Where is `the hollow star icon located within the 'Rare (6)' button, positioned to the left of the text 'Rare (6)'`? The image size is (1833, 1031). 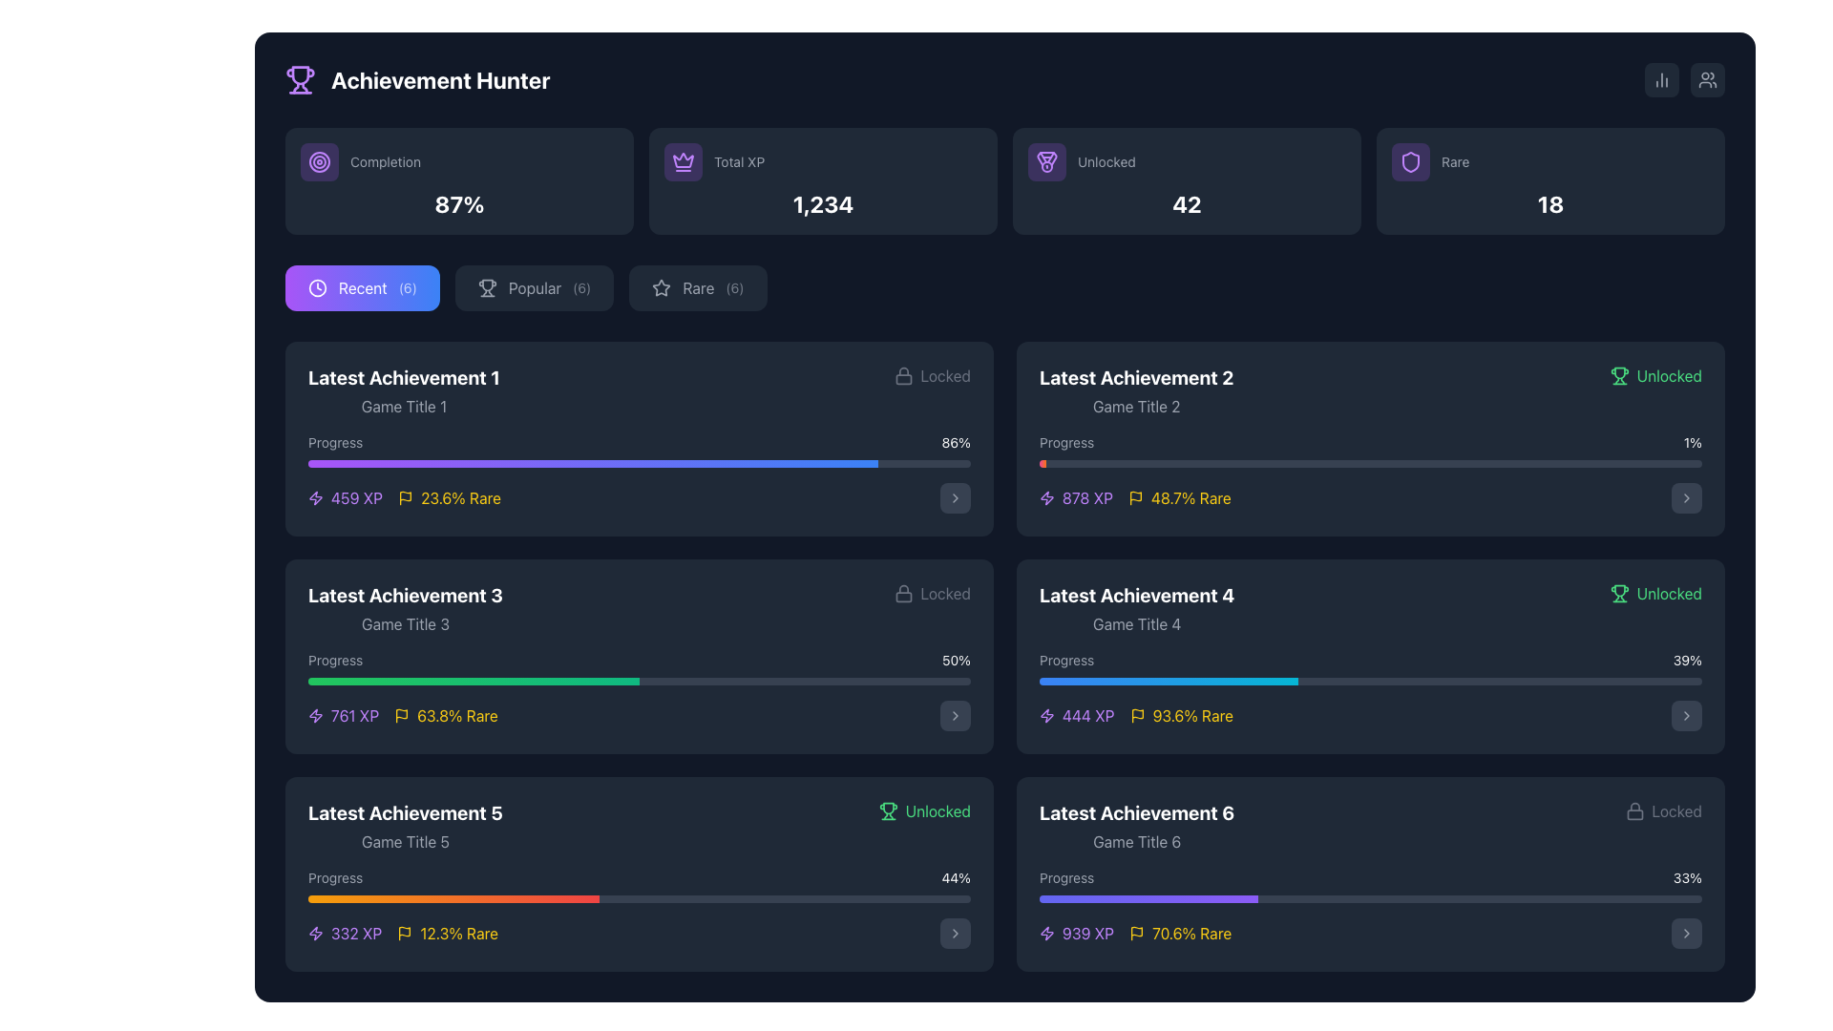
the hollow star icon located within the 'Rare (6)' button, positioned to the left of the text 'Rare (6)' is located at coordinates (662, 287).